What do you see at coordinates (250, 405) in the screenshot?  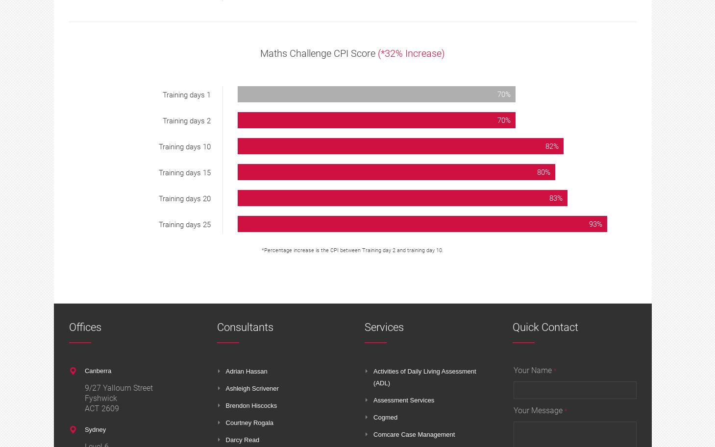 I see `'Brendon Hiscocks'` at bounding box center [250, 405].